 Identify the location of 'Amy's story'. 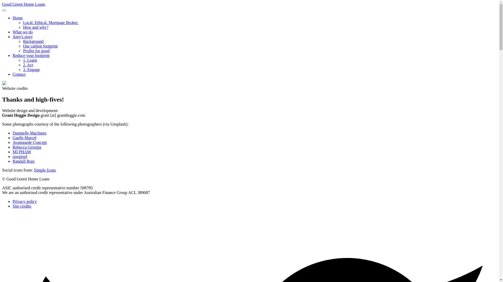
(22, 36).